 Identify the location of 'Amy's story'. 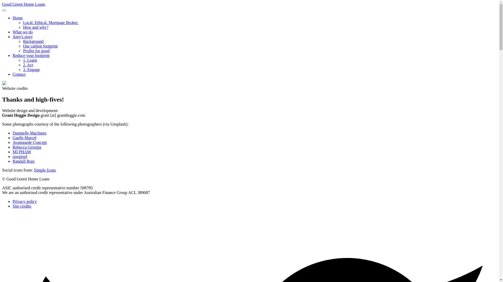
(22, 36).